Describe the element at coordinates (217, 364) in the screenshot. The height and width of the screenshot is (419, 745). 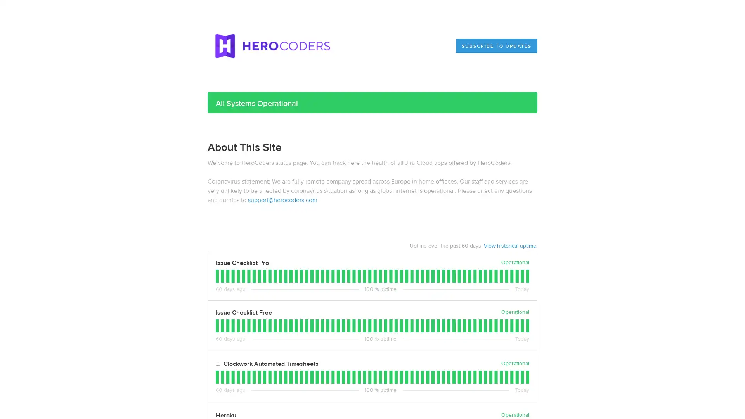
I see `Toggle Clockwork Automated Timesheets` at that location.